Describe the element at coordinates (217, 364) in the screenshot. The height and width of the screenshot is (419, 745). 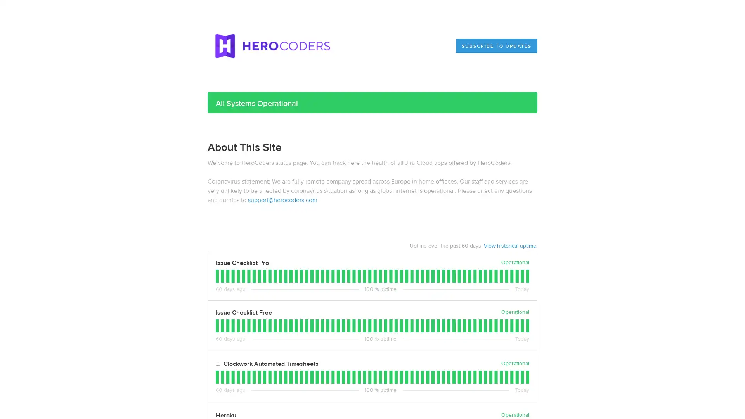
I see `Toggle Clockwork Automated Timesheets` at that location.